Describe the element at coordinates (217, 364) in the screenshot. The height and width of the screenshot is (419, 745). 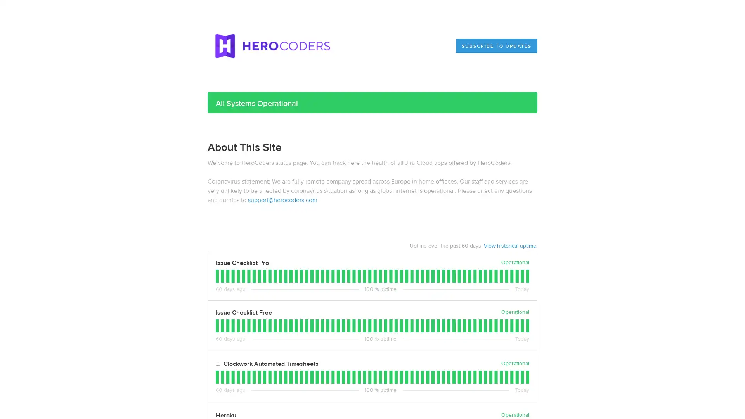
I see `Toggle Clockwork Automated Timesheets` at that location.